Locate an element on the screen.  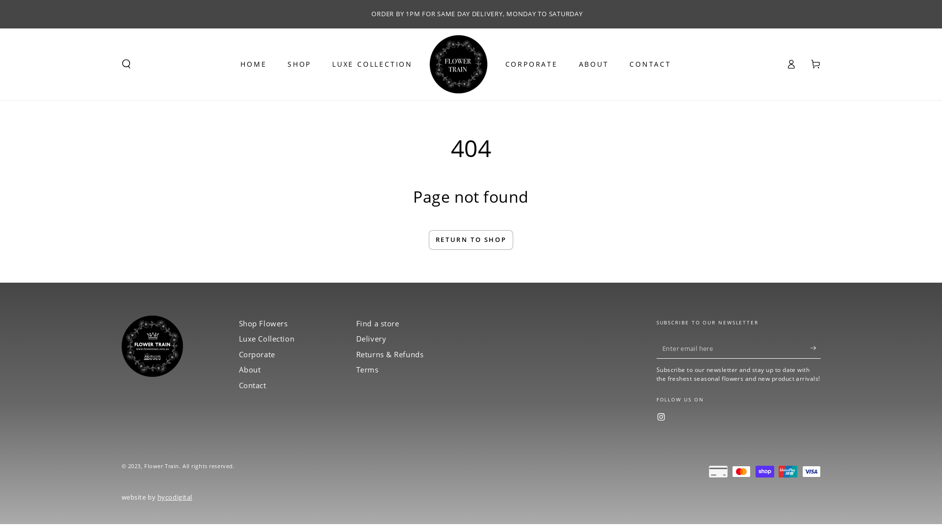
'Delivery' is located at coordinates (371, 338).